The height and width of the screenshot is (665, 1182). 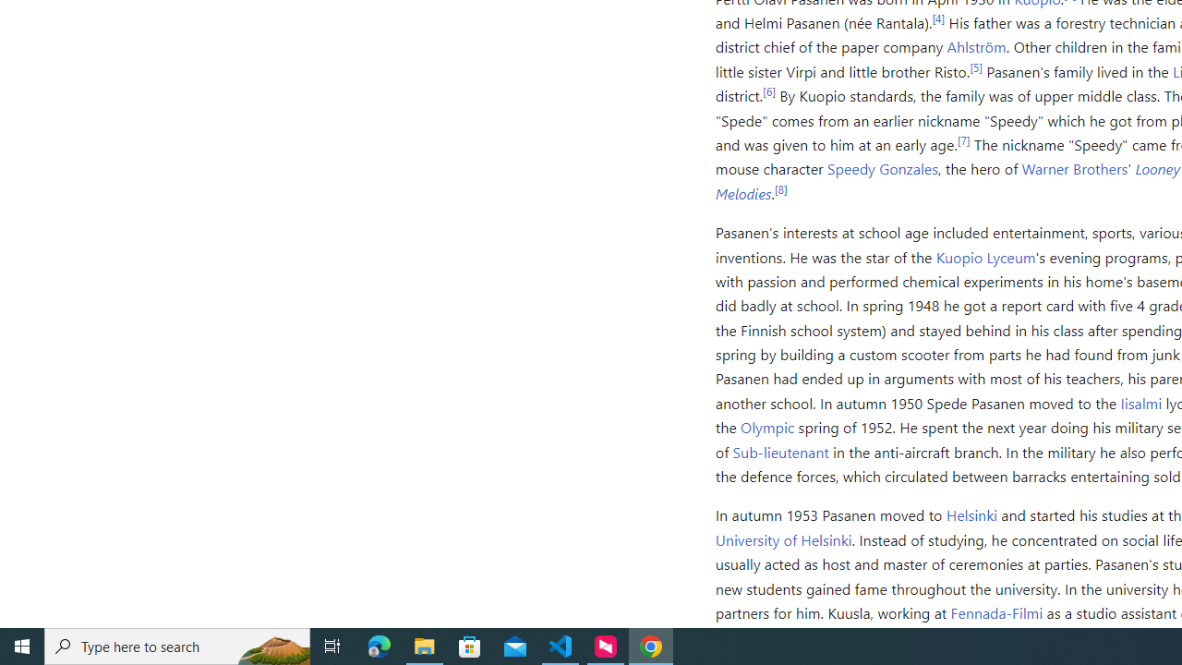 I want to click on '[4]', so click(x=938, y=18).